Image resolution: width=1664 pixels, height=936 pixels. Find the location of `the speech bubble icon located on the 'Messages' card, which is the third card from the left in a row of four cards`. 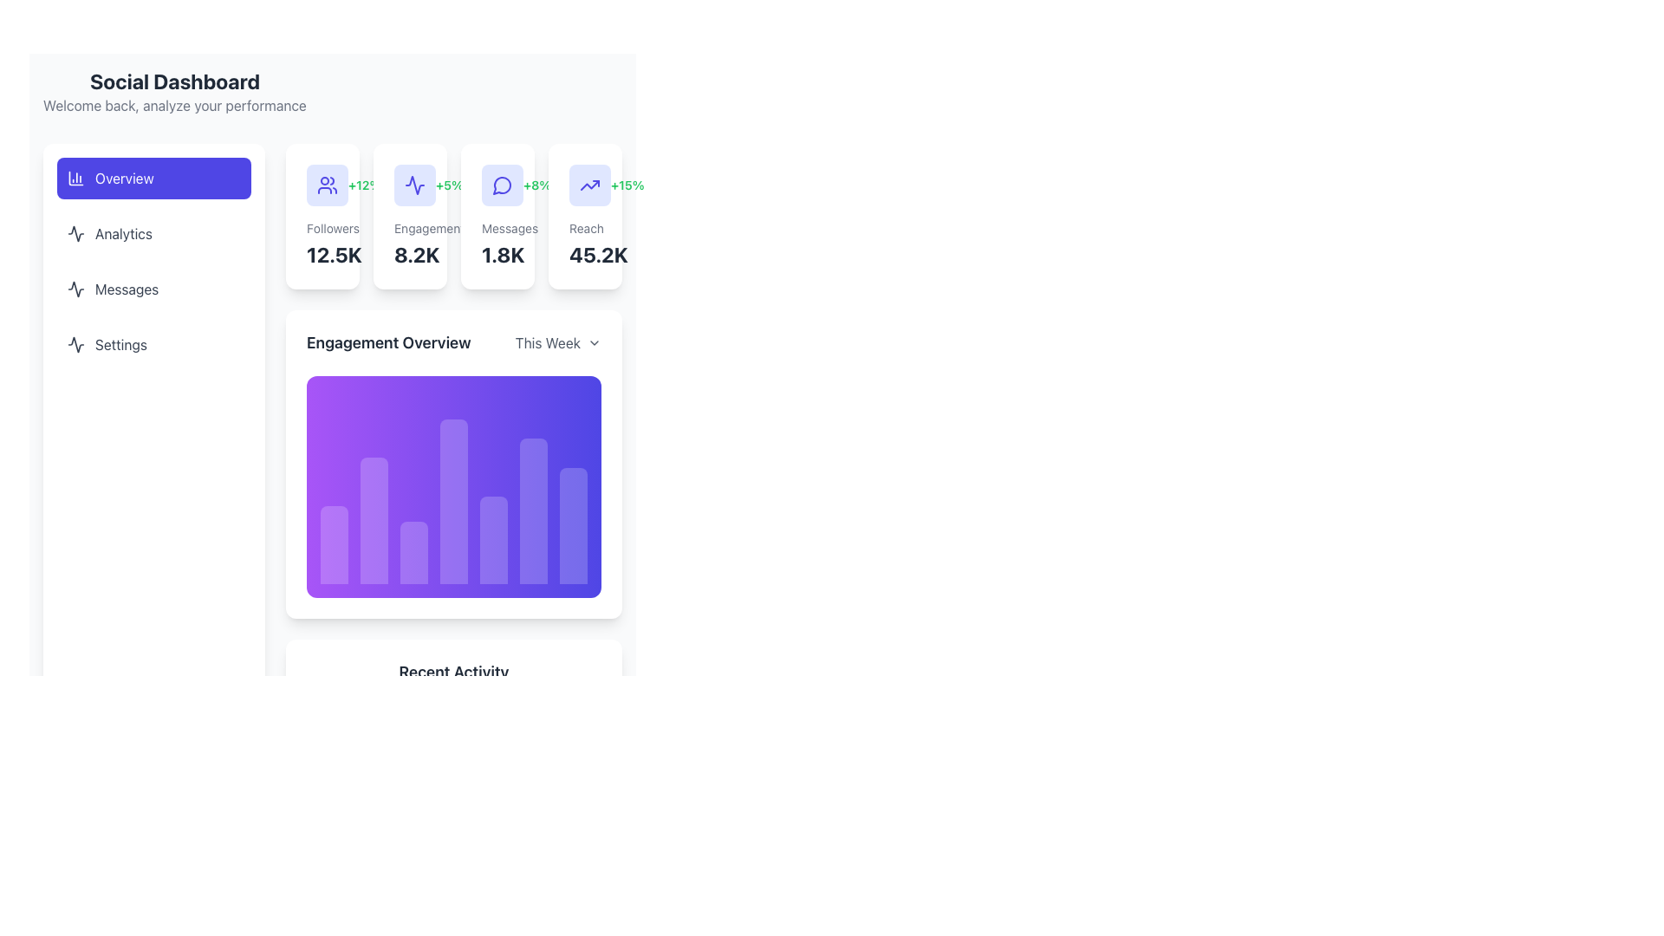

the speech bubble icon located on the 'Messages' card, which is the third card from the left in a row of four cards is located at coordinates (497, 185).